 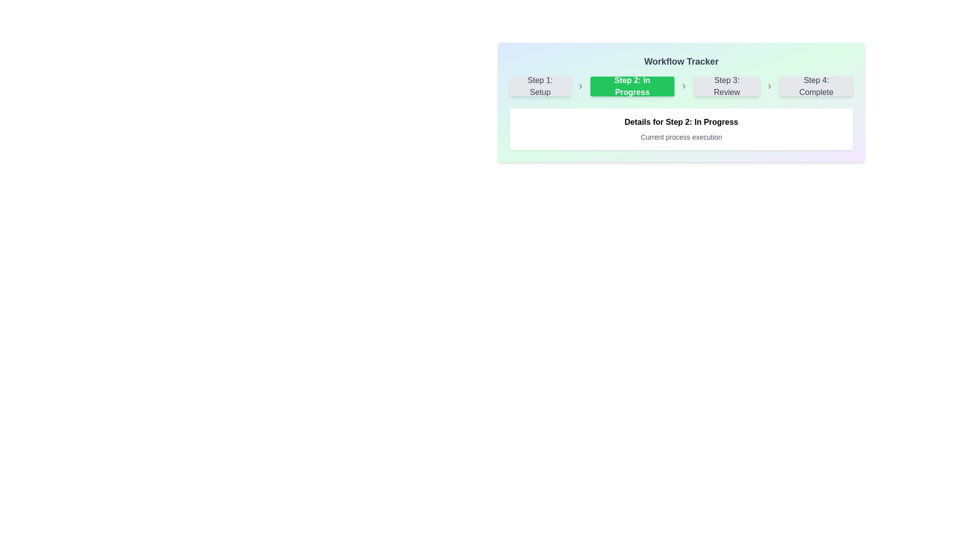 I want to click on the informational label indicating the current status of Step 2 in the workflow, located below the header 'Details for Step 2: In Progress', so click(x=680, y=137).